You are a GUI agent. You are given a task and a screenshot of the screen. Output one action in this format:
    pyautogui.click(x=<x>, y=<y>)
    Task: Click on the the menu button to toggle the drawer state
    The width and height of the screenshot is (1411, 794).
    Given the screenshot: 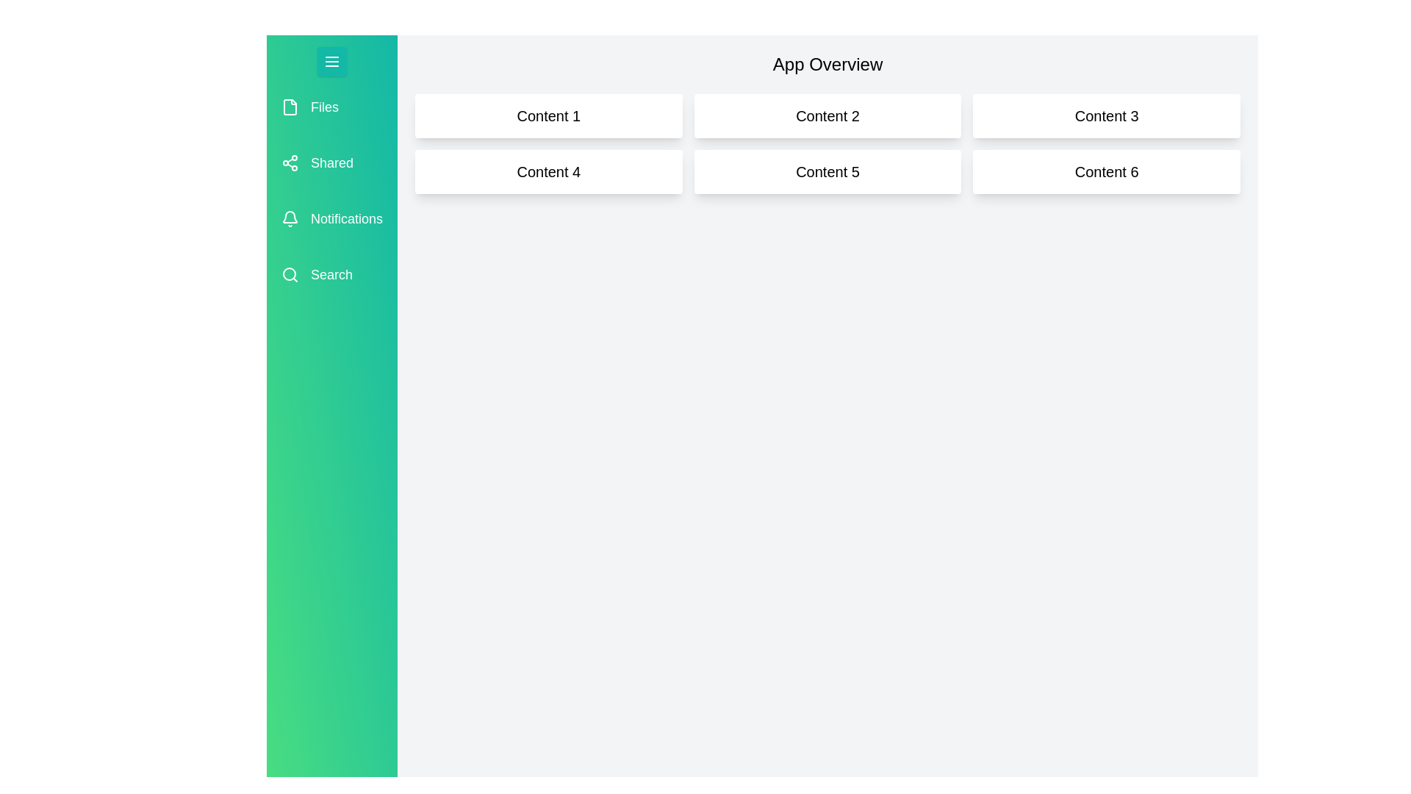 What is the action you would take?
    pyautogui.click(x=331, y=61)
    